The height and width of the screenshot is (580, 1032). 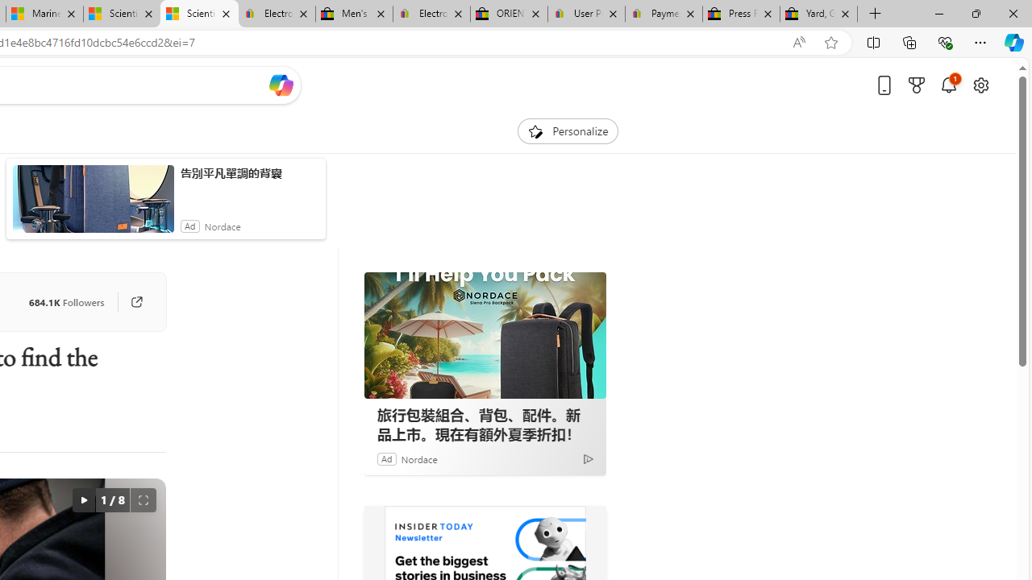 What do you see at coordinates (136, 302) in the screenshot?
I see `'Go to publisher'` at bounding box center [136, 302].